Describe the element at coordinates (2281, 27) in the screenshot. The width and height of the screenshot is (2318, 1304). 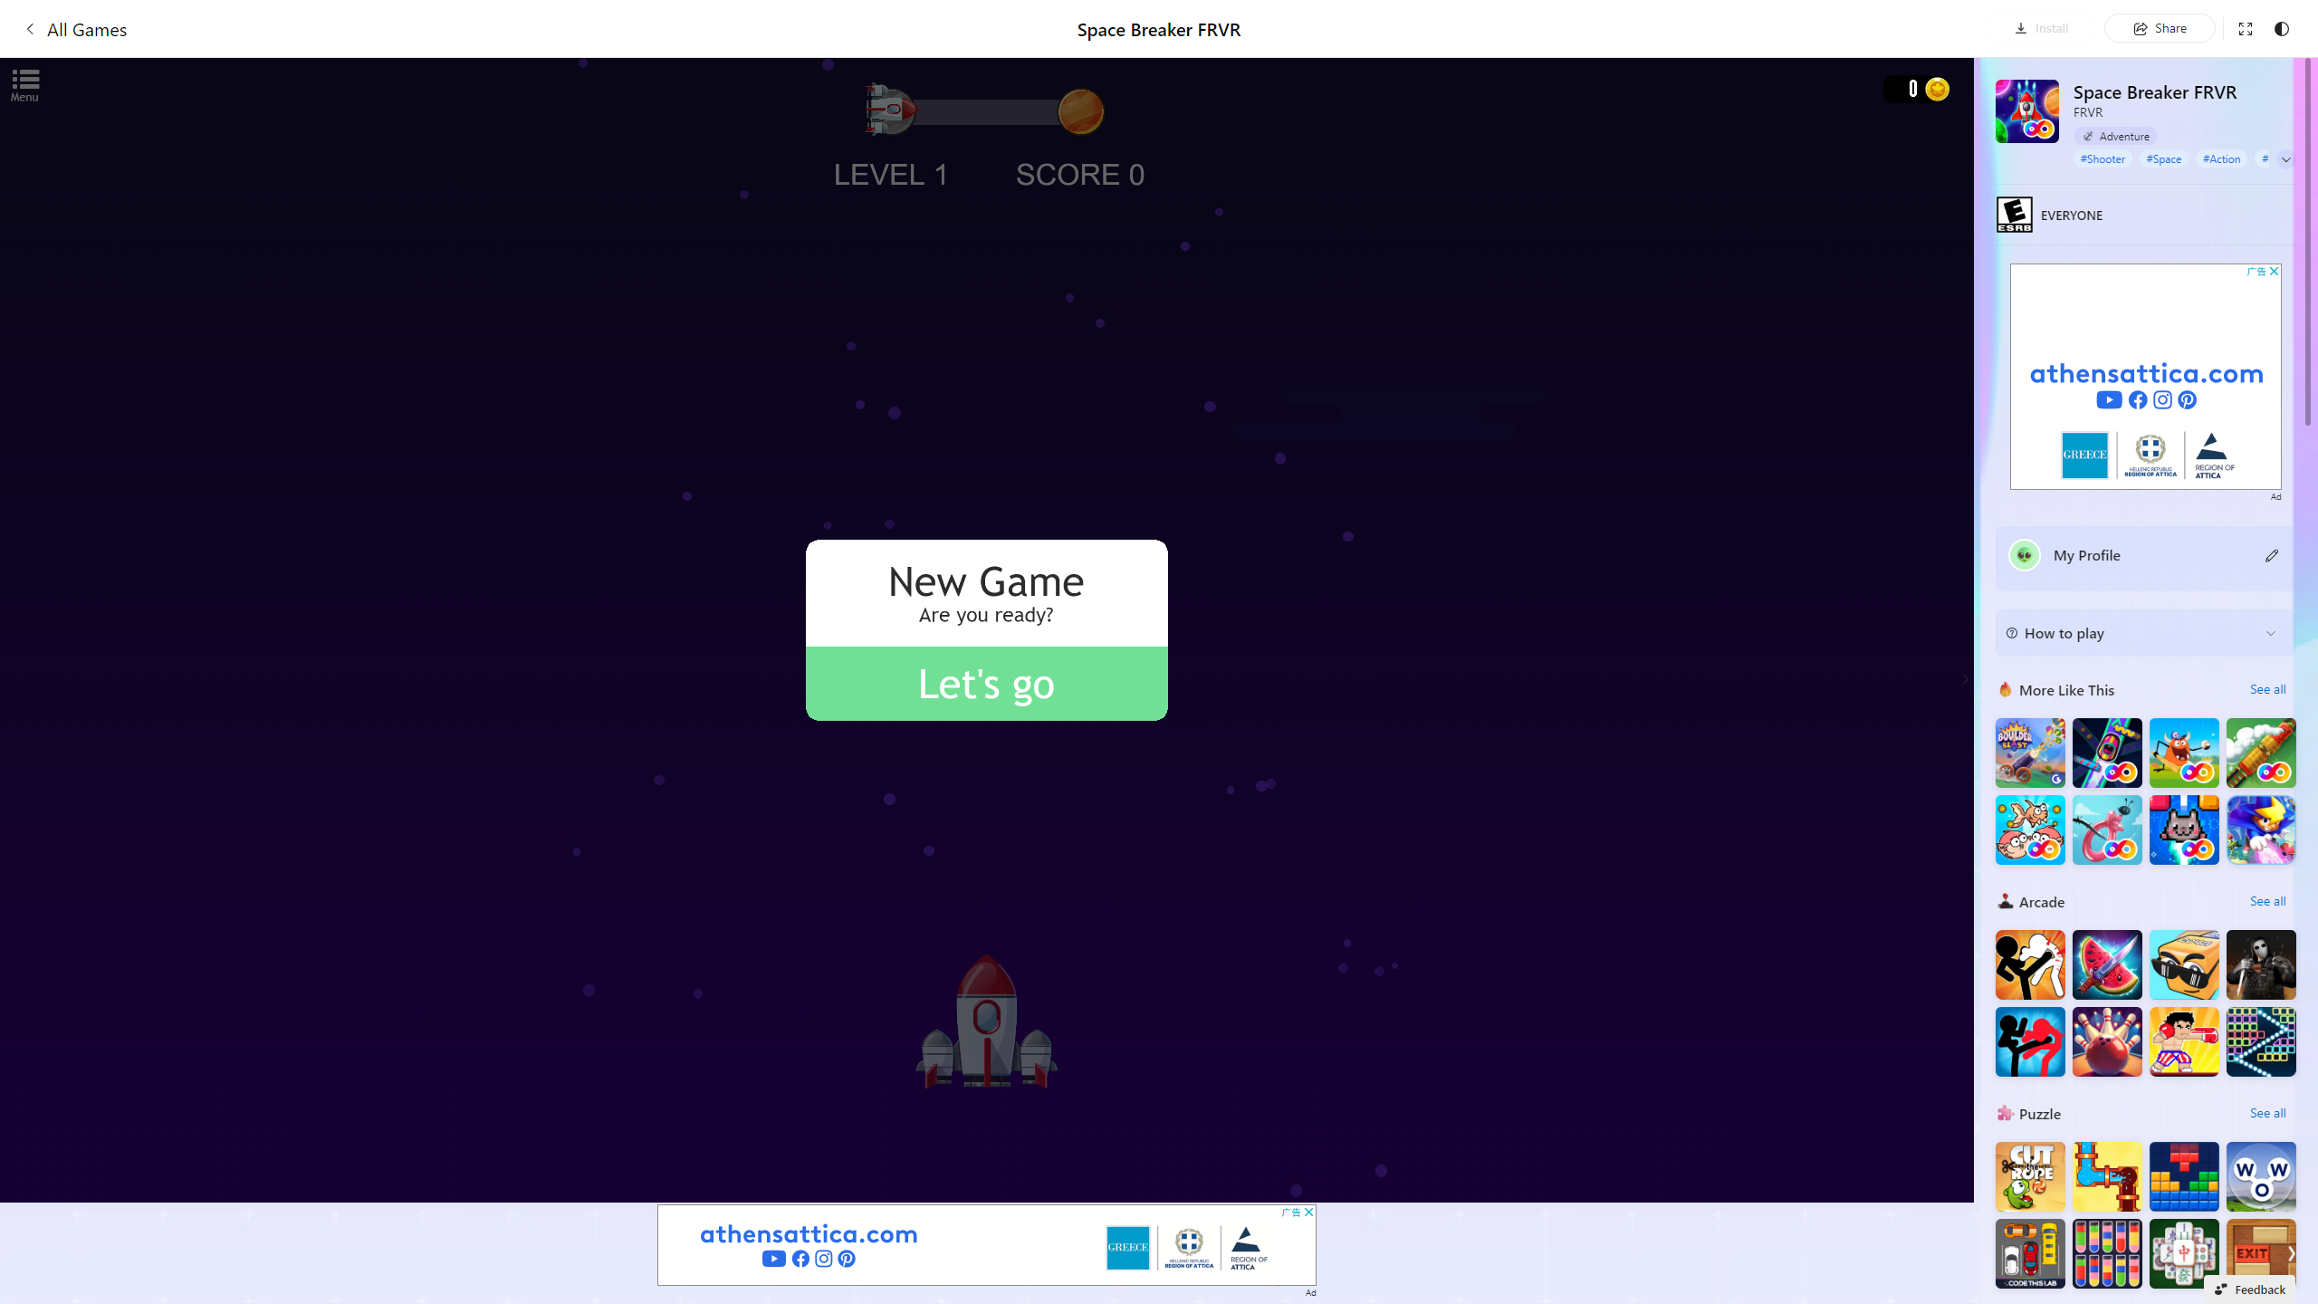
I see `'Change to dark mode'` at that location.